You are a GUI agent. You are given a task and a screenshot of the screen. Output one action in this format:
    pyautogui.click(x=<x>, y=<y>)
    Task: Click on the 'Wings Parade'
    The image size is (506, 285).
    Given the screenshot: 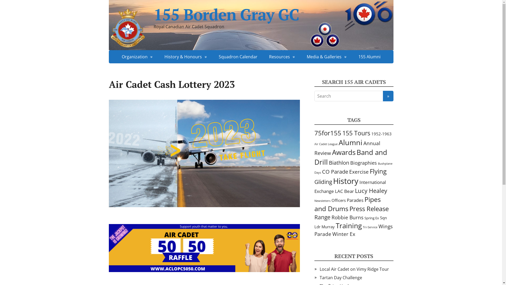 What is the action you would take?
    pyautogui.click(x=353, y=230)
    